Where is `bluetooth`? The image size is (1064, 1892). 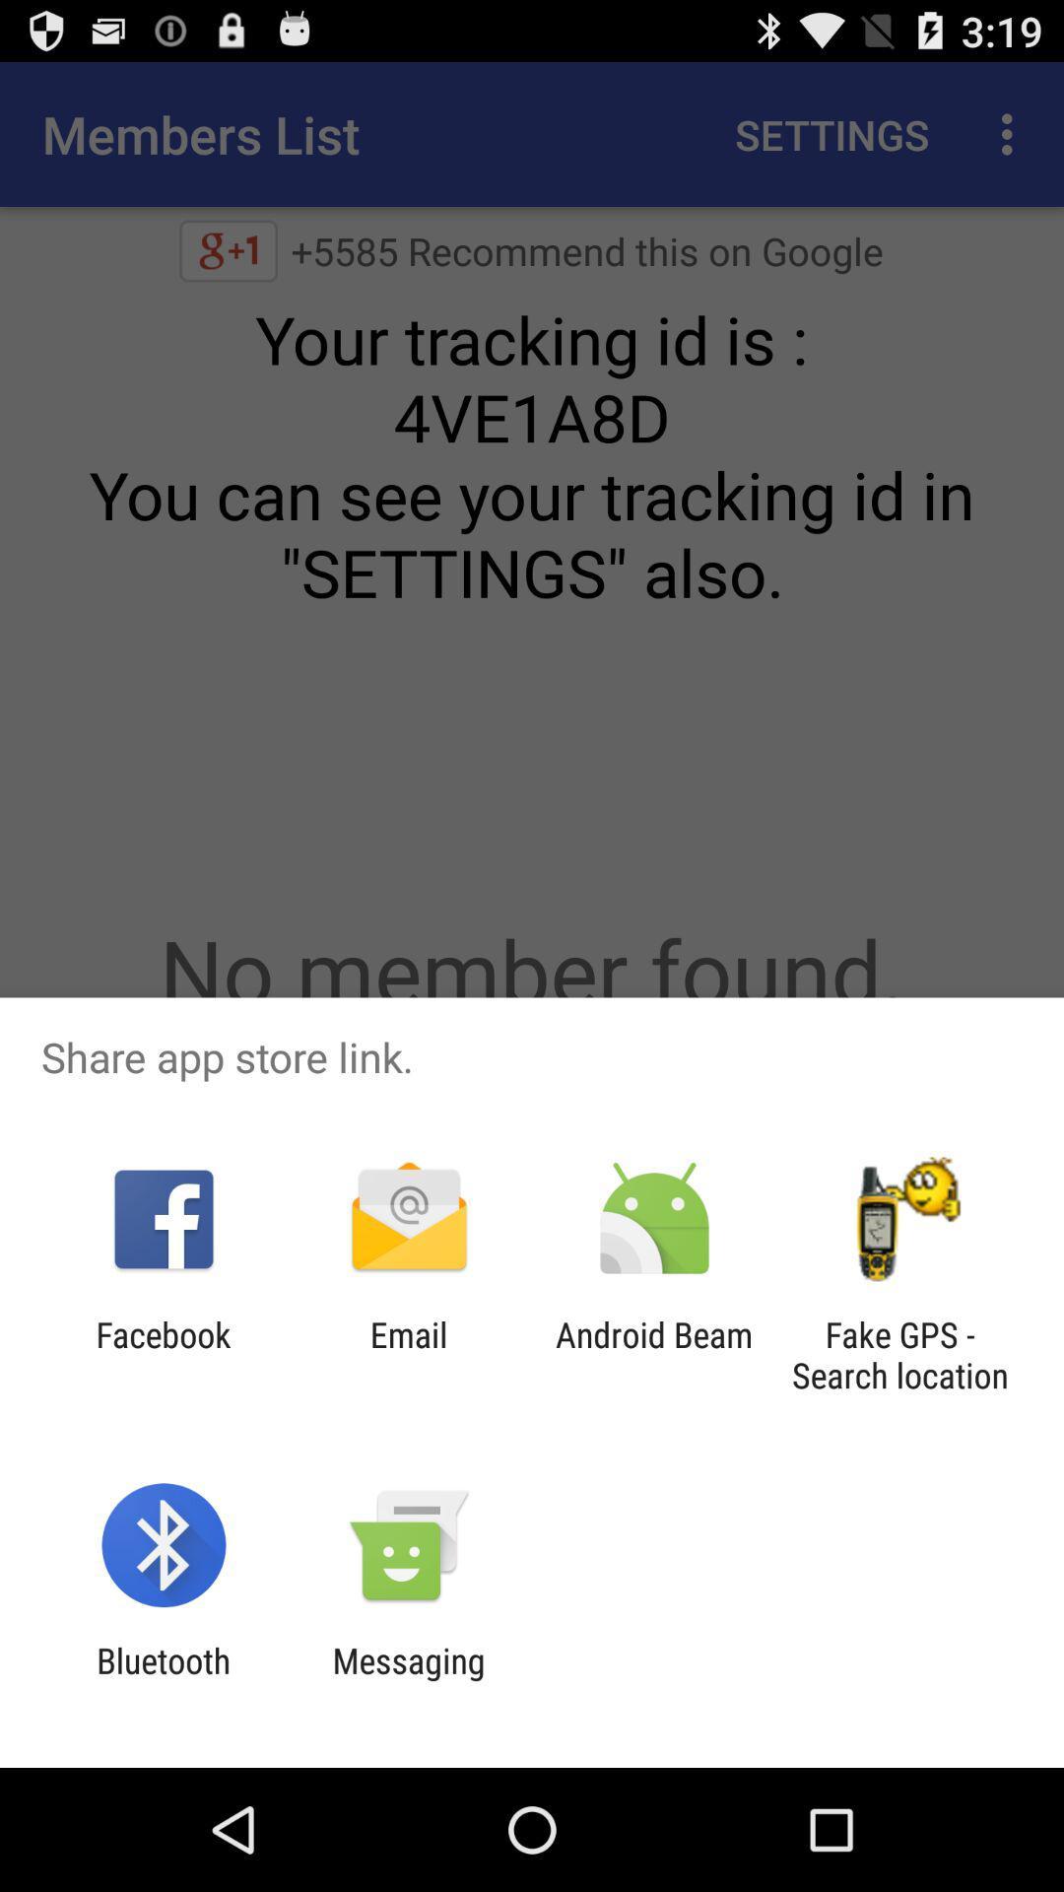 bluetooth is located at coordinates (163, 1680).